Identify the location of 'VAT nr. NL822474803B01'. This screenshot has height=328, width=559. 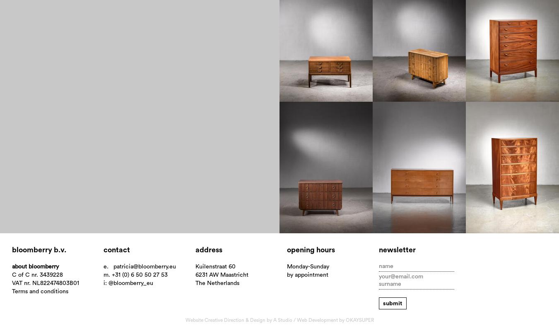
(11, 283).